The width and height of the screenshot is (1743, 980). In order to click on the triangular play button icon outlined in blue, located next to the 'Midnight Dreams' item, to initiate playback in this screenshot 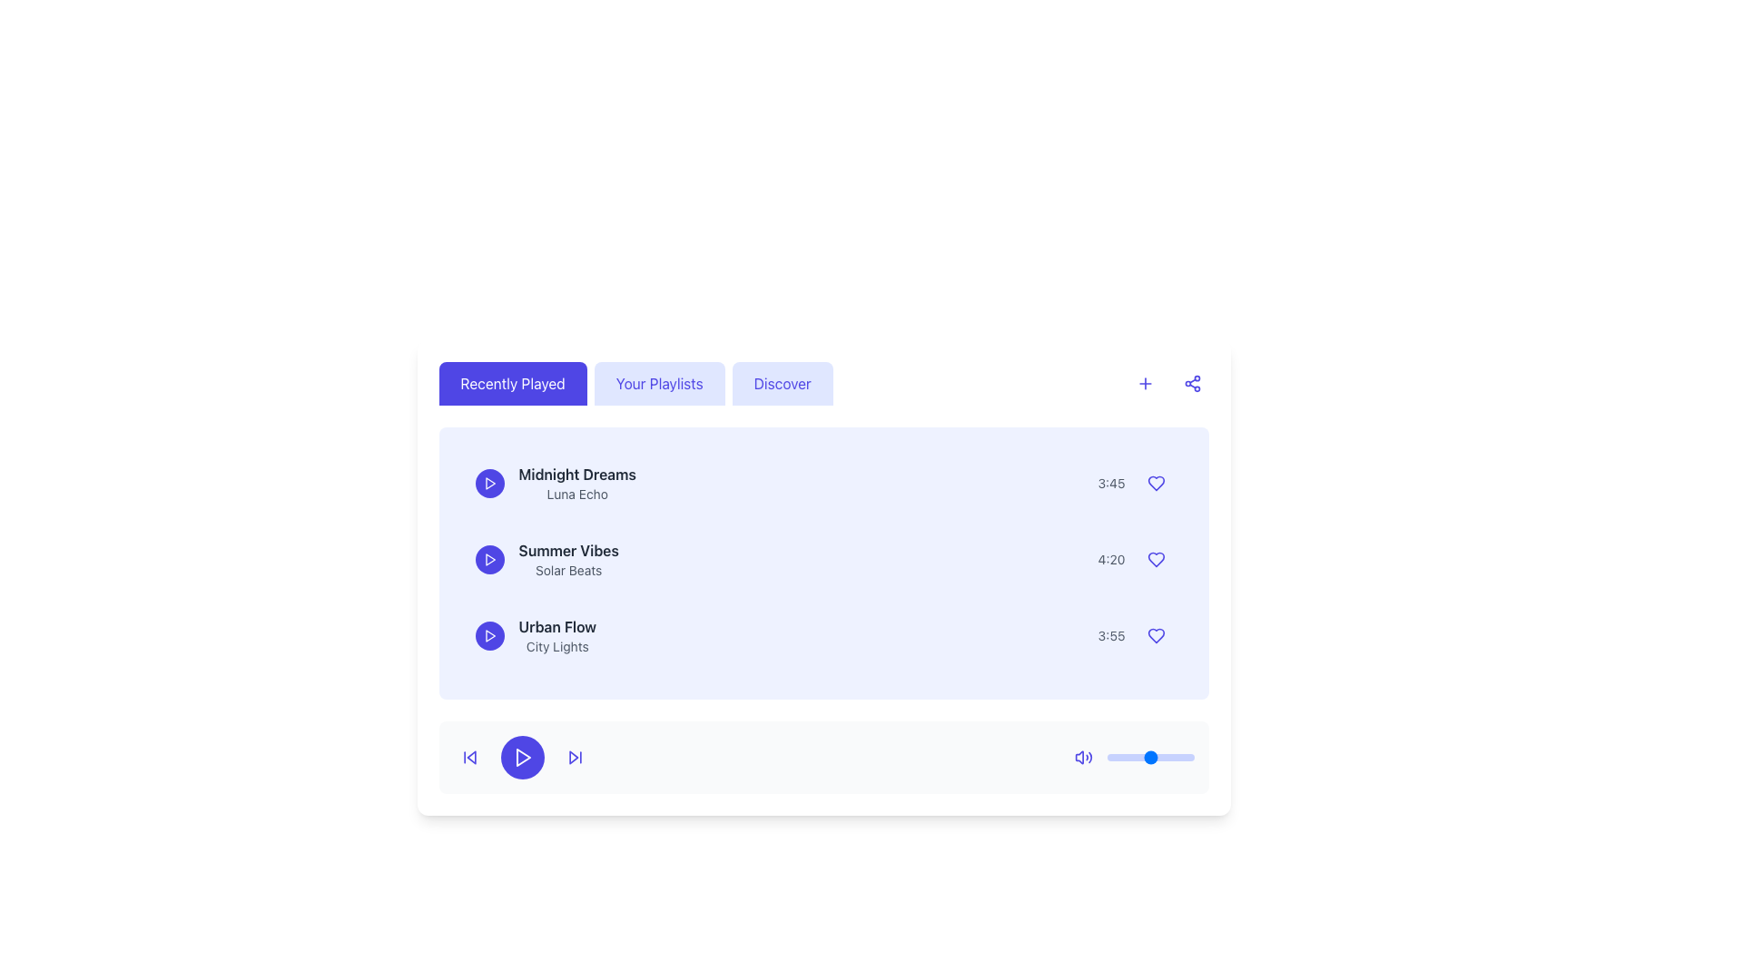, I will do `click(490, 482)`.